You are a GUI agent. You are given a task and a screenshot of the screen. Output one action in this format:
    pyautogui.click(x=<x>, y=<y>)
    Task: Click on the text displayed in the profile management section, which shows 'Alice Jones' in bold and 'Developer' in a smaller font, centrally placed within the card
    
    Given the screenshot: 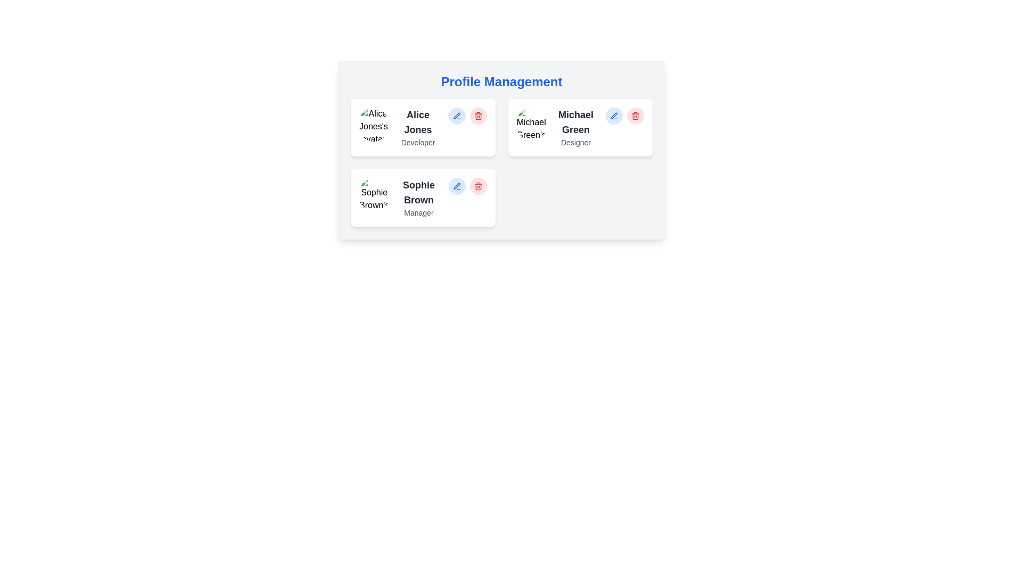 What is the action you would take?
    pyautogui.click(x=417, y=127)
    